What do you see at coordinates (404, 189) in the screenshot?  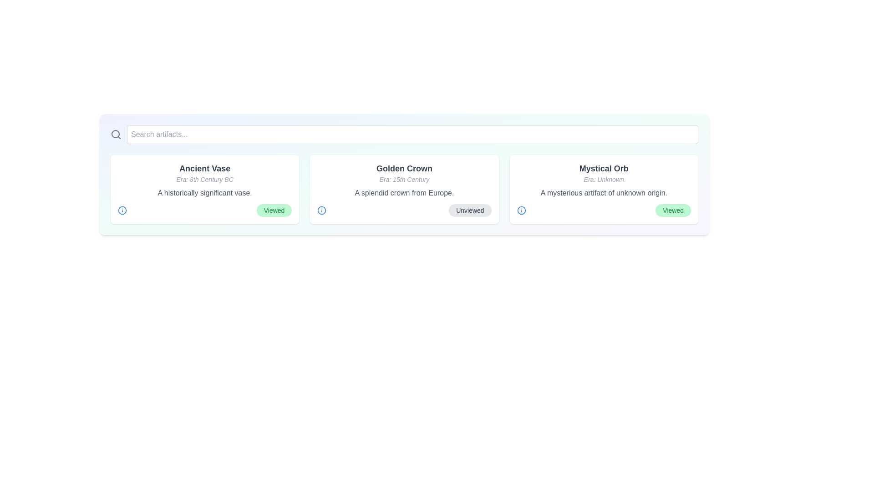 I see `the card displaying information about Golden Crown` at bounding box center [404, 189].